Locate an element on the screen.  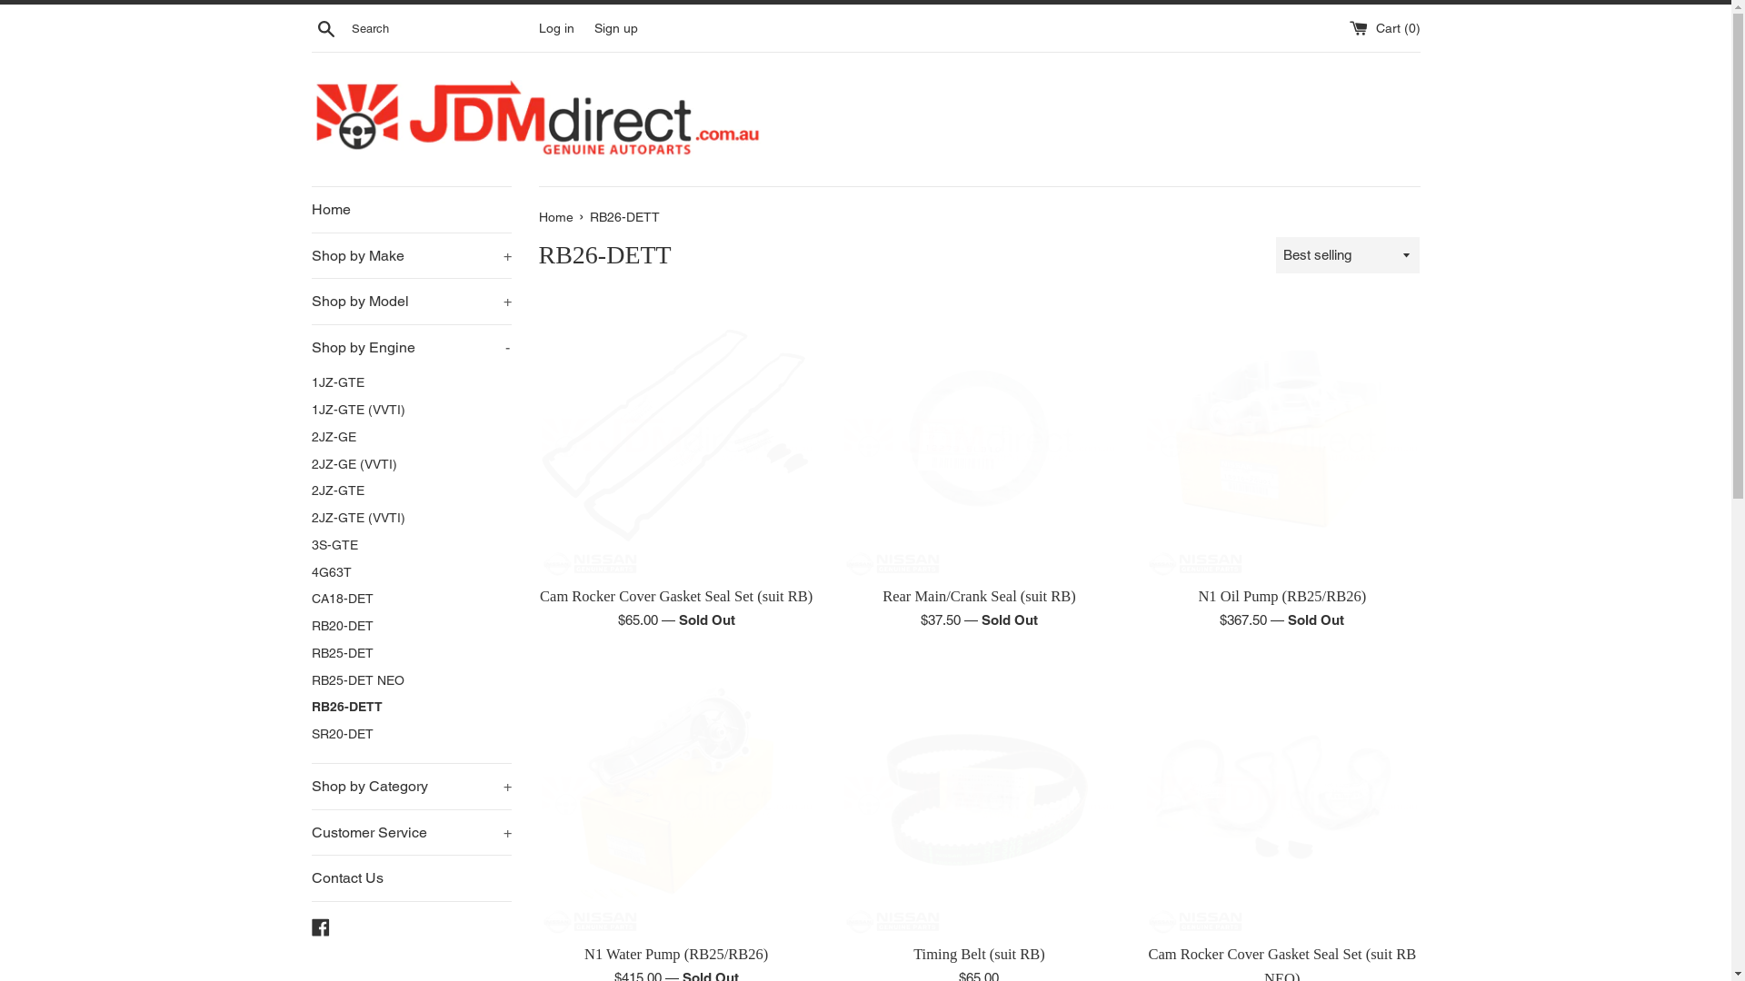
'RB25-DET' is located at coordinates (310, 654).